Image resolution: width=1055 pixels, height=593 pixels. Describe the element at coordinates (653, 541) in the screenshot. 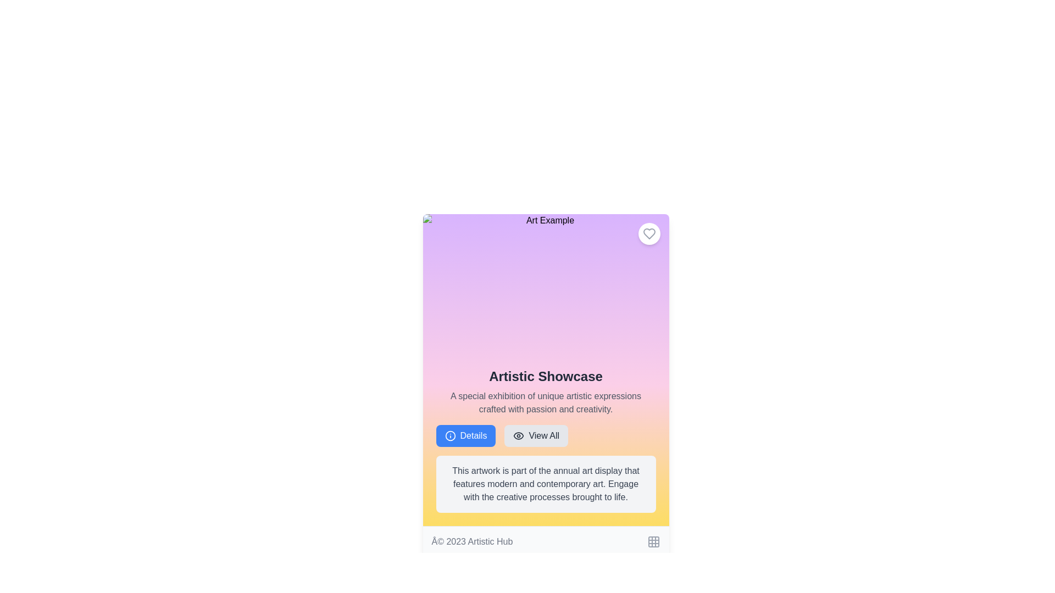

I see `the navigation icon located in the bottom-right corner of the footer, adjacent to the text '© 2023 Artistic Hub'` at that location.